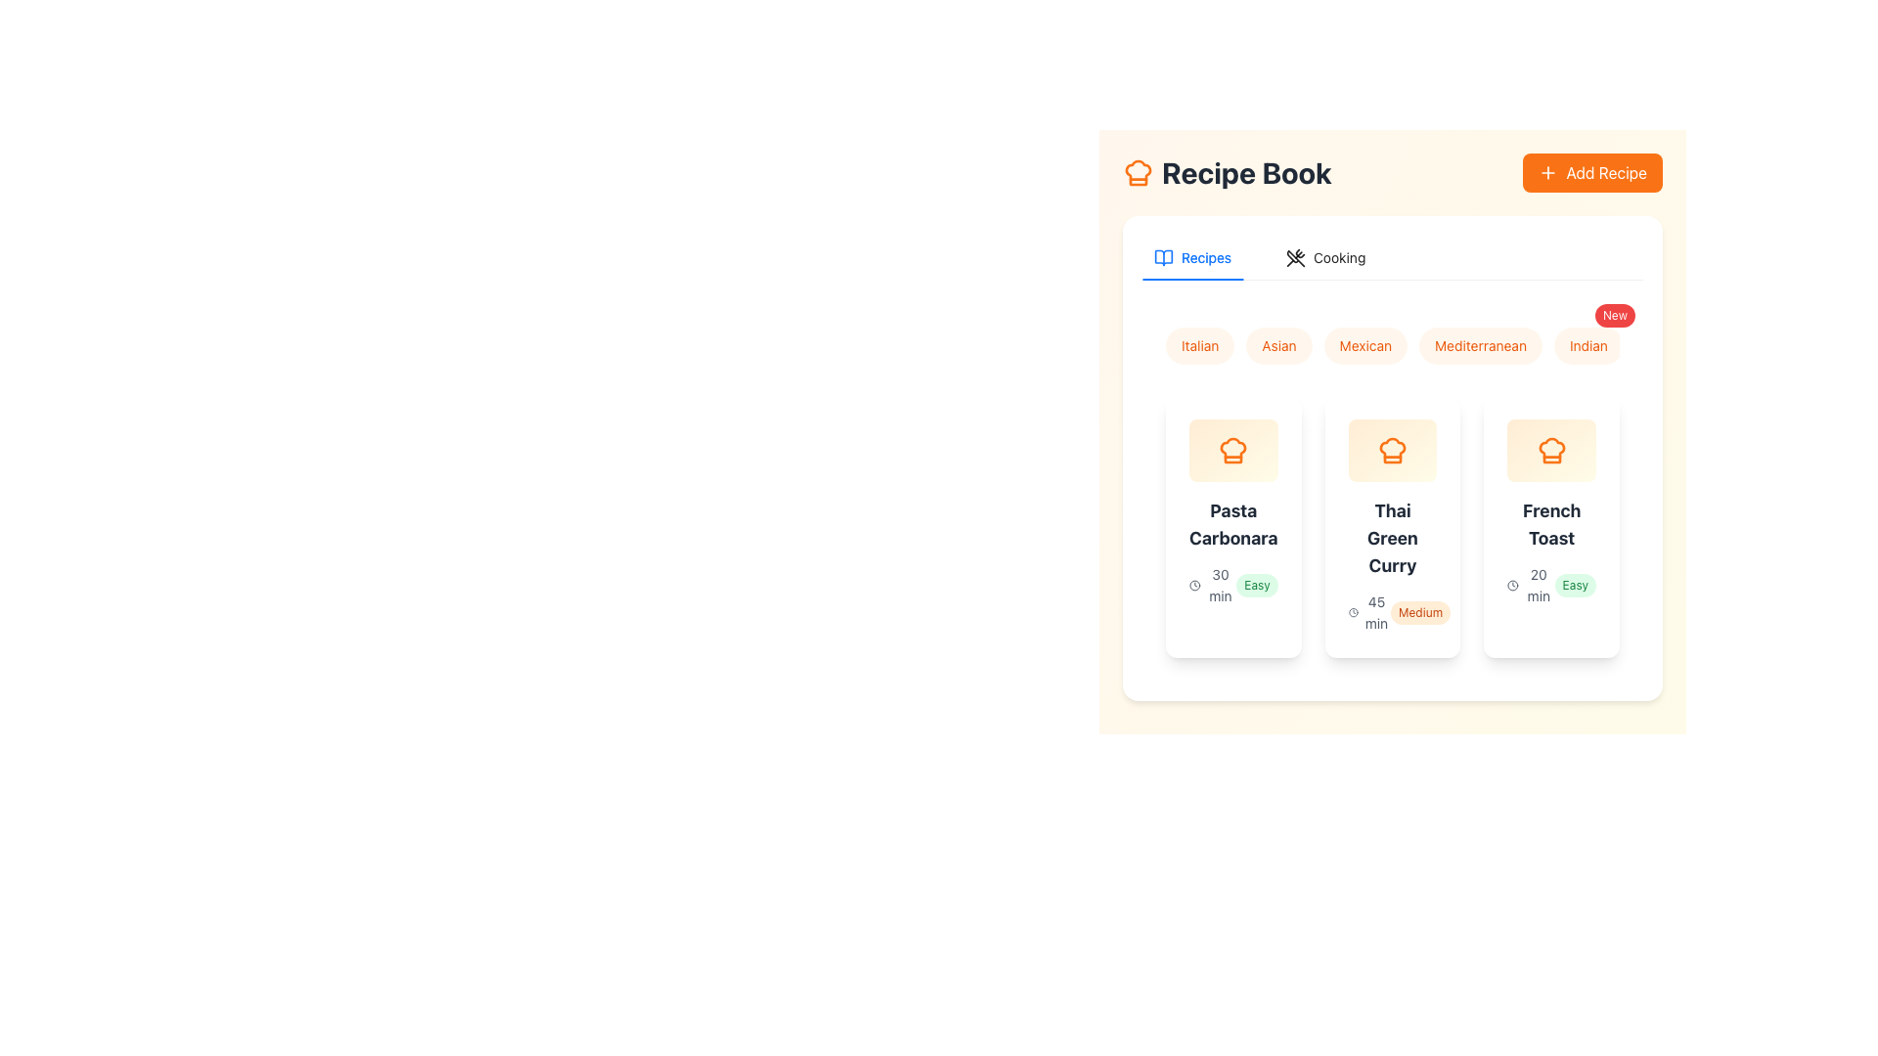 The width and height of the screenshot is (1878, 1056). Describe the element at coordinates (1392, 526) in the screenshot. I see `the 'Thai Green Curry' component card` at that location.